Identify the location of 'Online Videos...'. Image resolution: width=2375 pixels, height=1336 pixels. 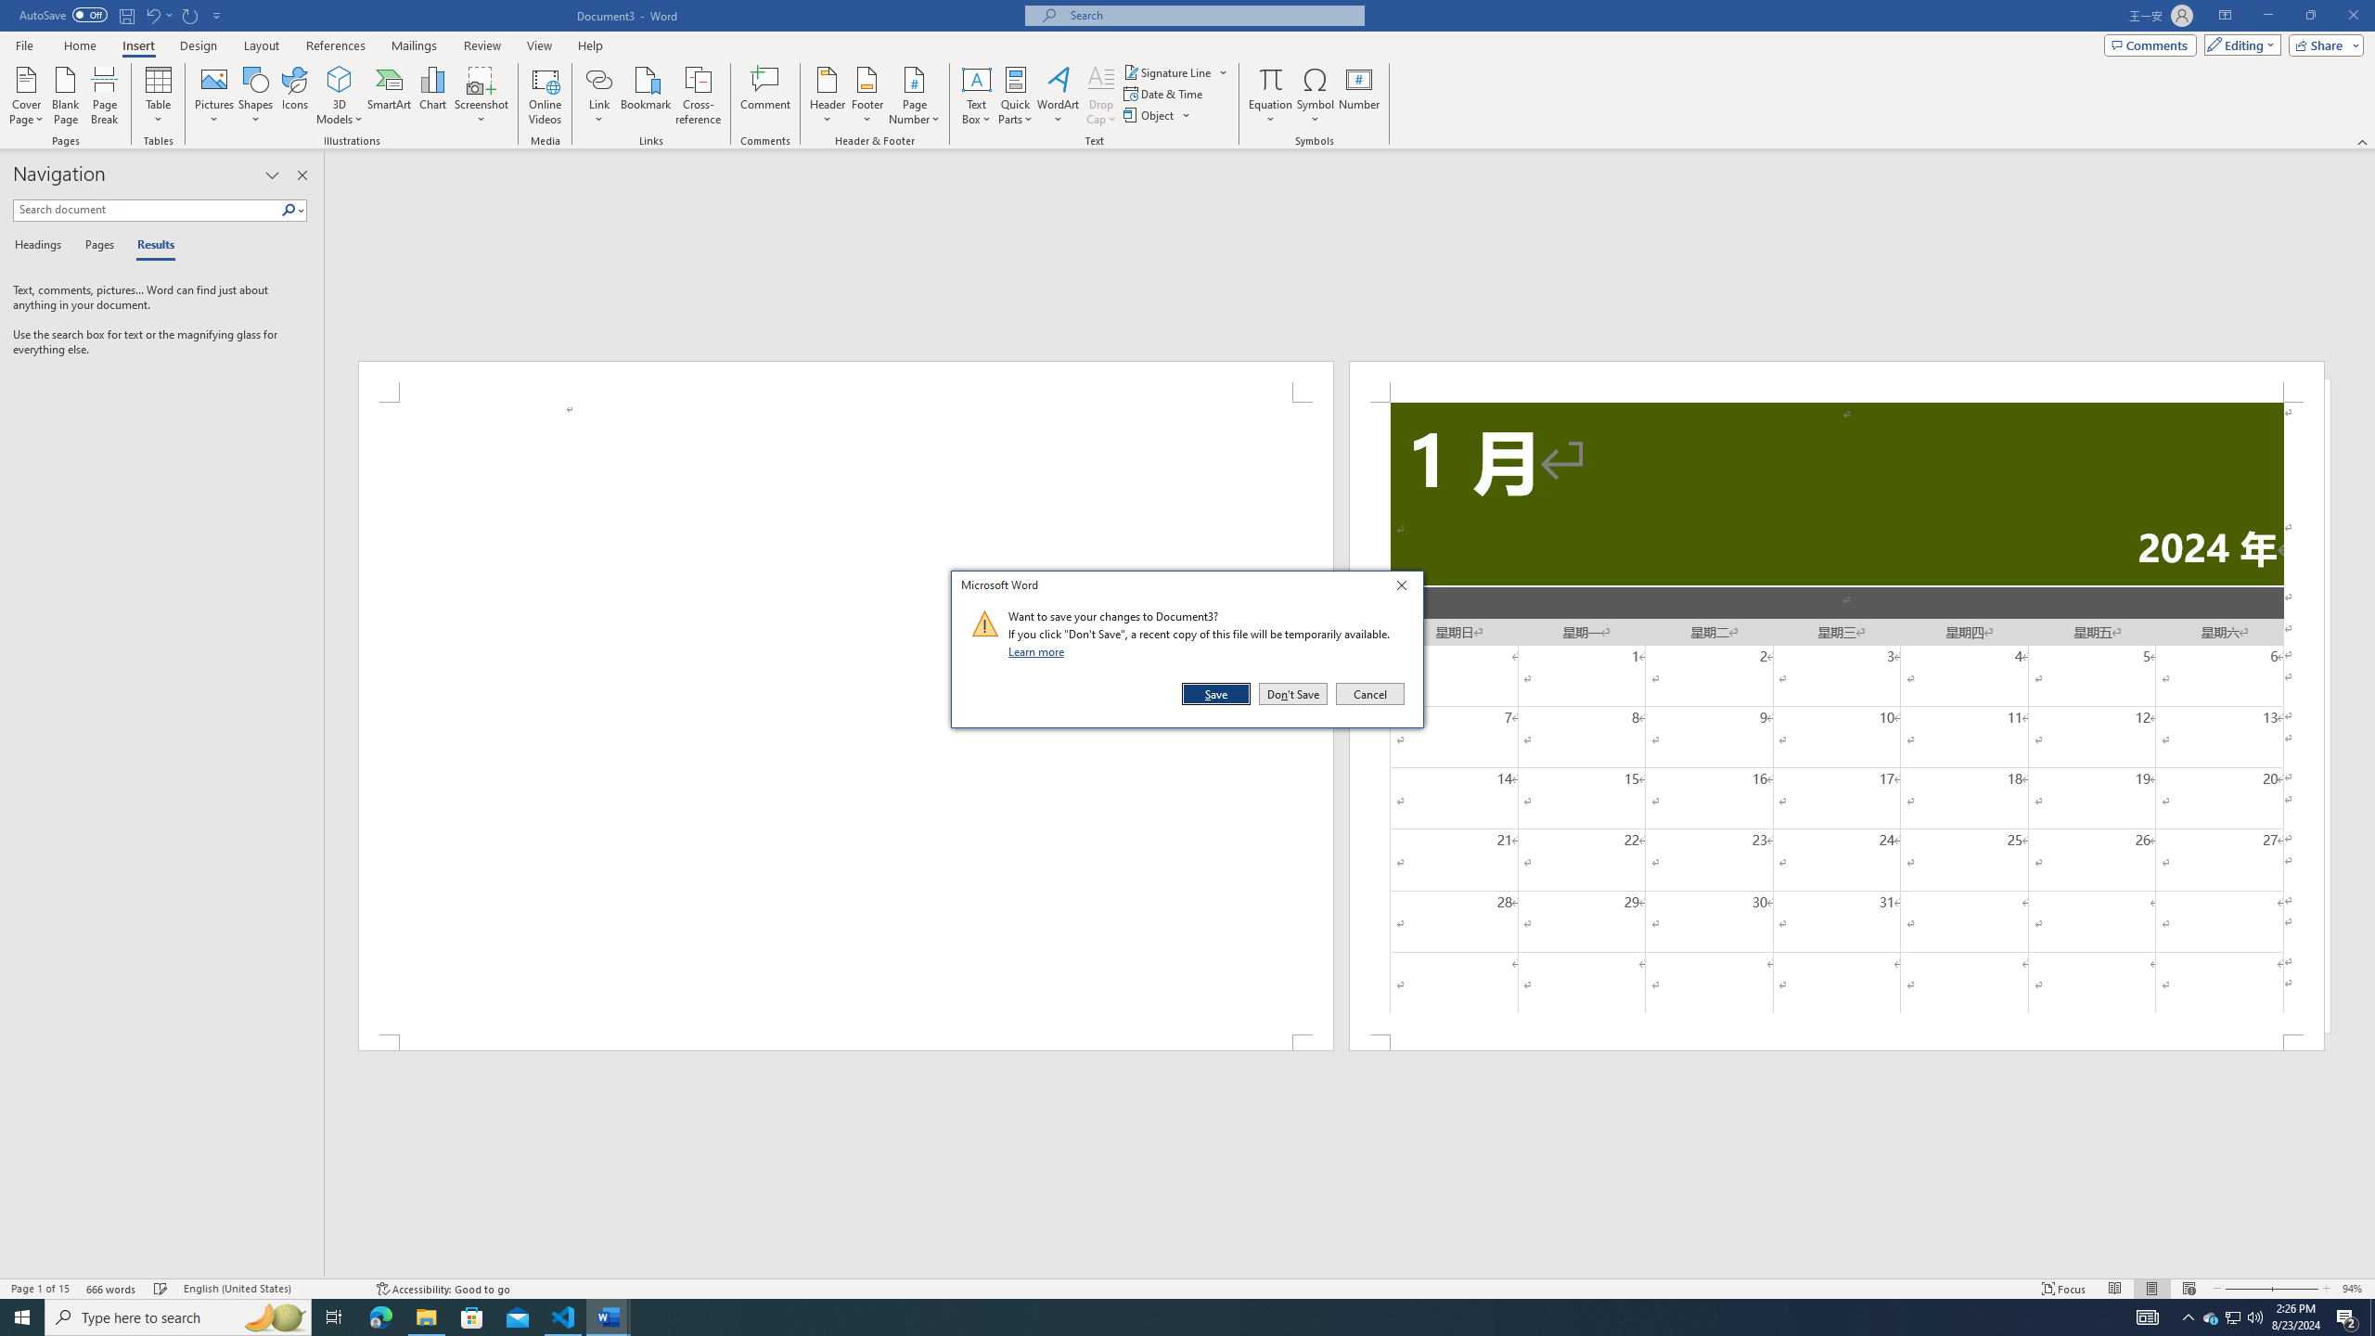
(545, 96).